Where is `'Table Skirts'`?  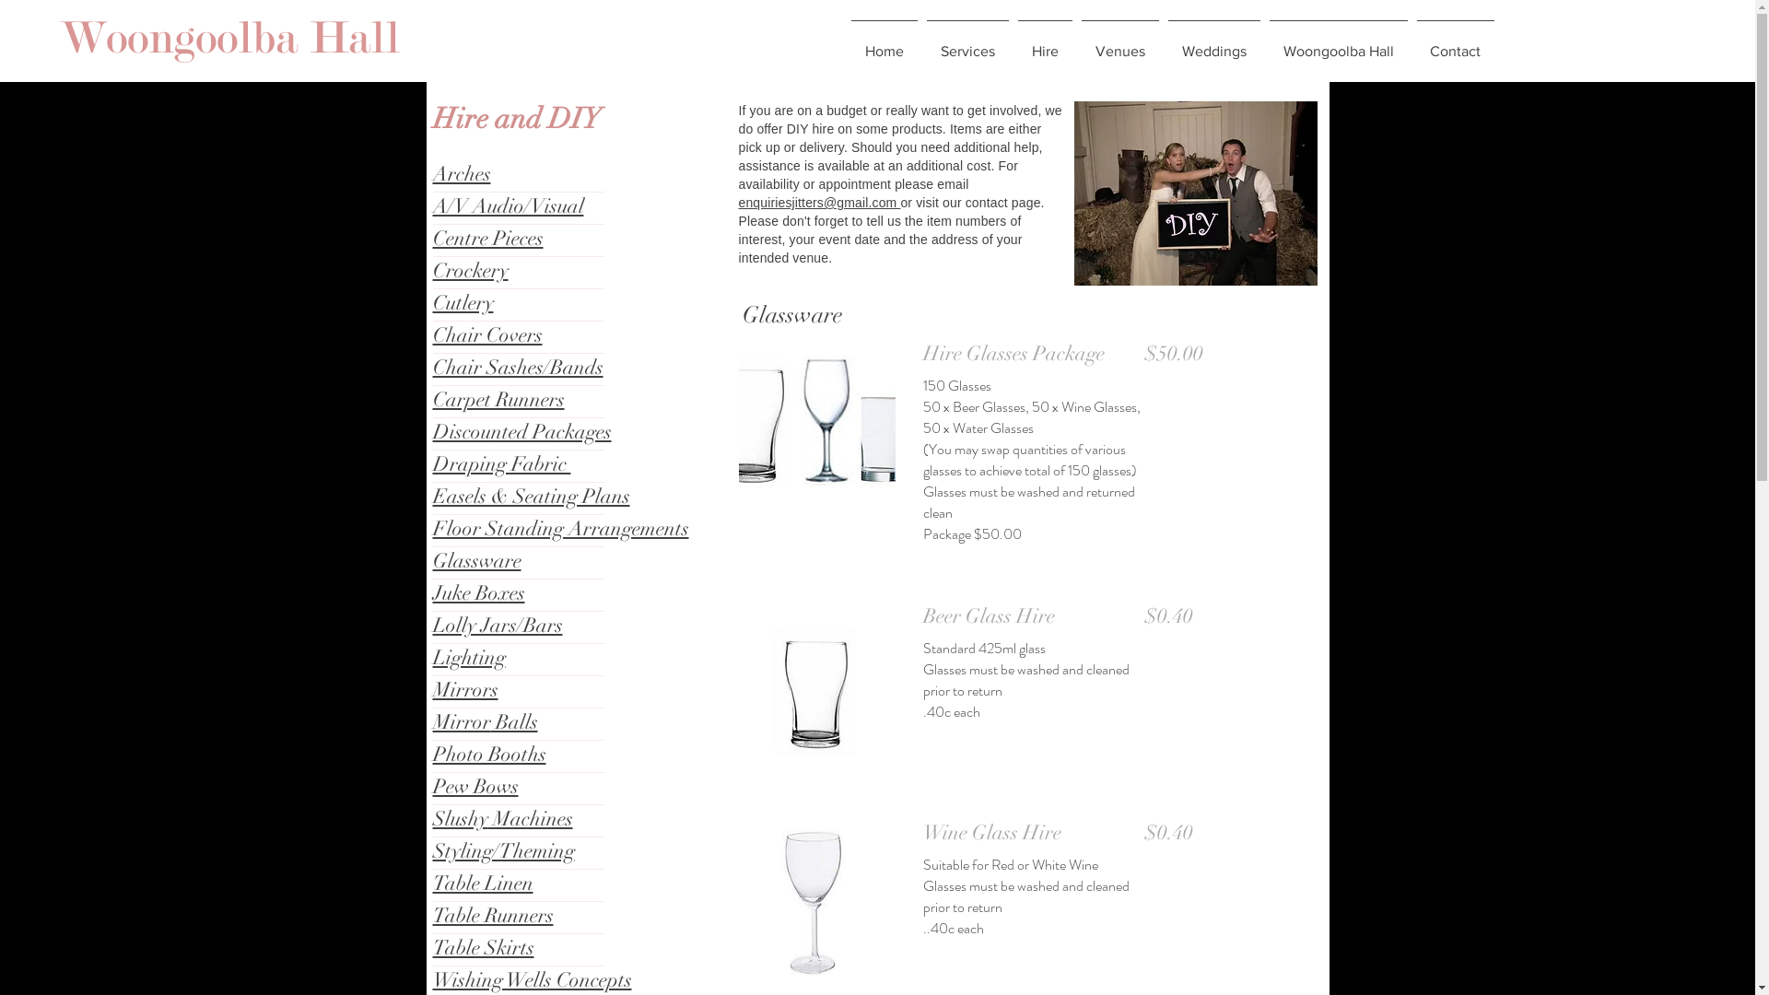
'Table Skirts' is located at coordinates (483, 947).